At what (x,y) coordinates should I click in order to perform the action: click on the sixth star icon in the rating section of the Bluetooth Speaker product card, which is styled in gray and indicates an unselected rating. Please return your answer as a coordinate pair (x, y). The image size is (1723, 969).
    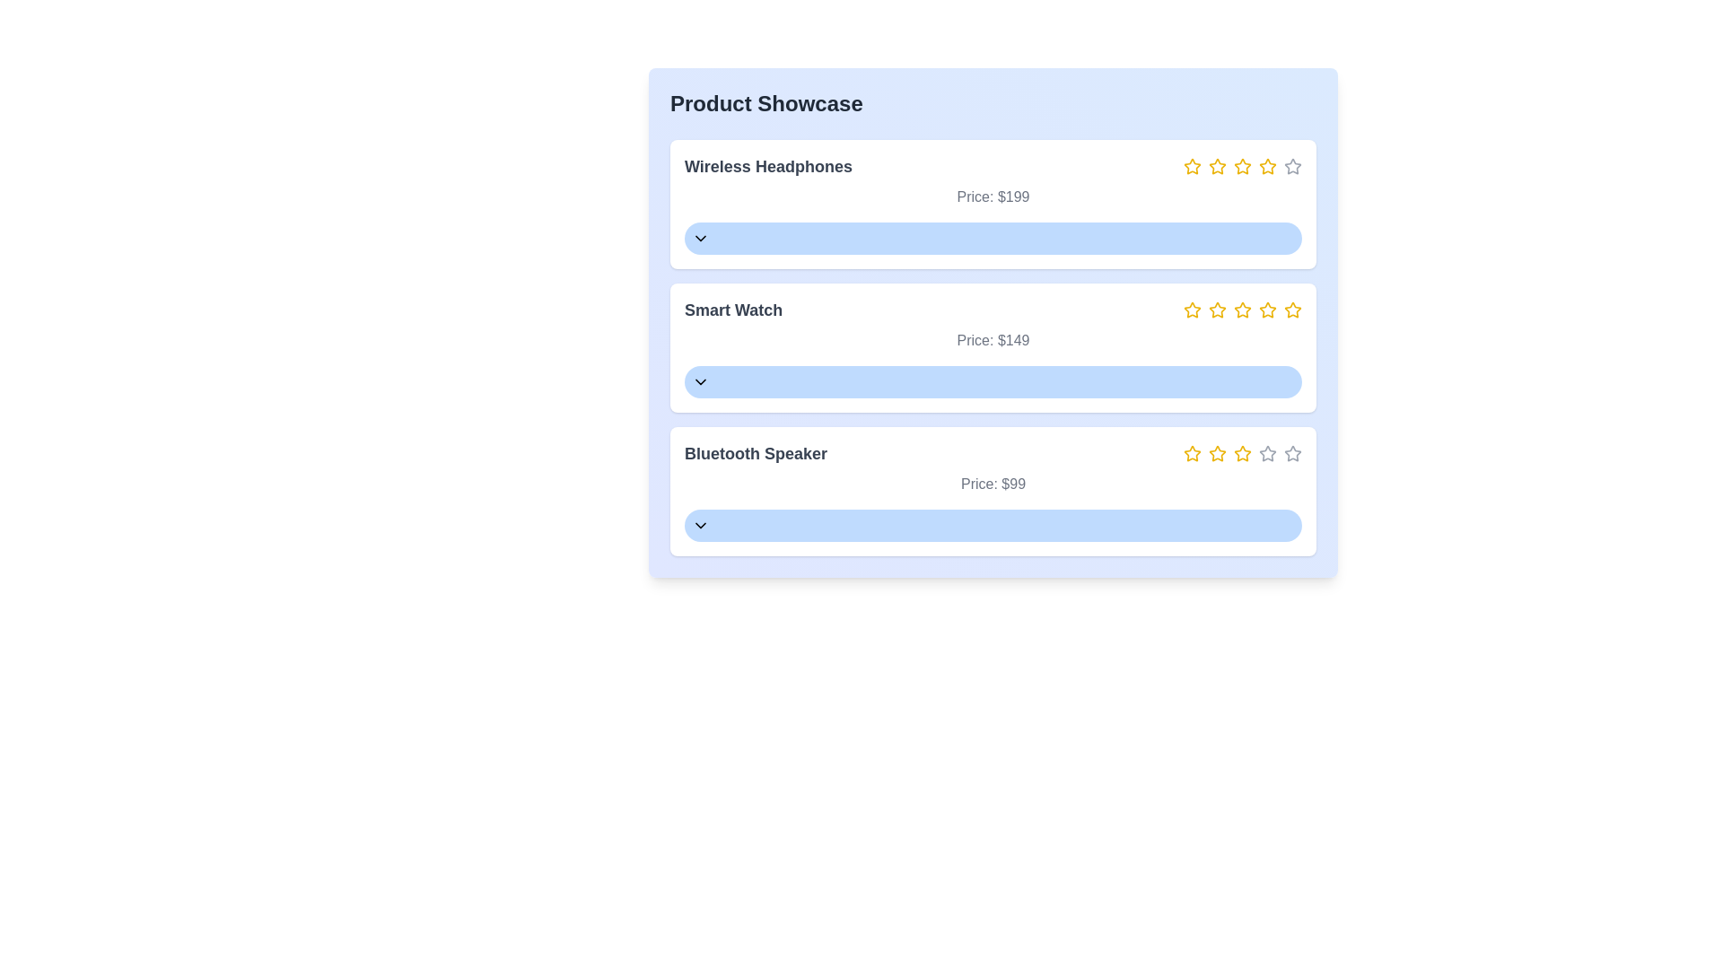
    Looking at the image, I should click on (1266, 452).